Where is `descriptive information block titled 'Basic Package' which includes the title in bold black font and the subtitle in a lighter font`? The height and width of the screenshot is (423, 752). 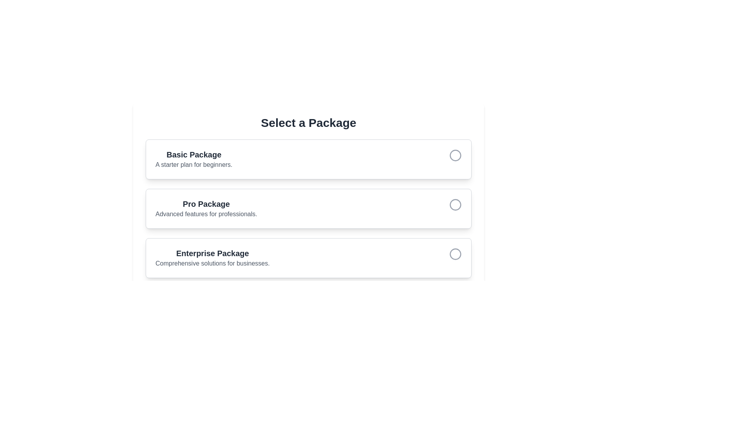 descriptive information block titled 'Basic Package' which includes the title in bold black font and the subtitle in a lighter font is located at coordinates (308, 159).